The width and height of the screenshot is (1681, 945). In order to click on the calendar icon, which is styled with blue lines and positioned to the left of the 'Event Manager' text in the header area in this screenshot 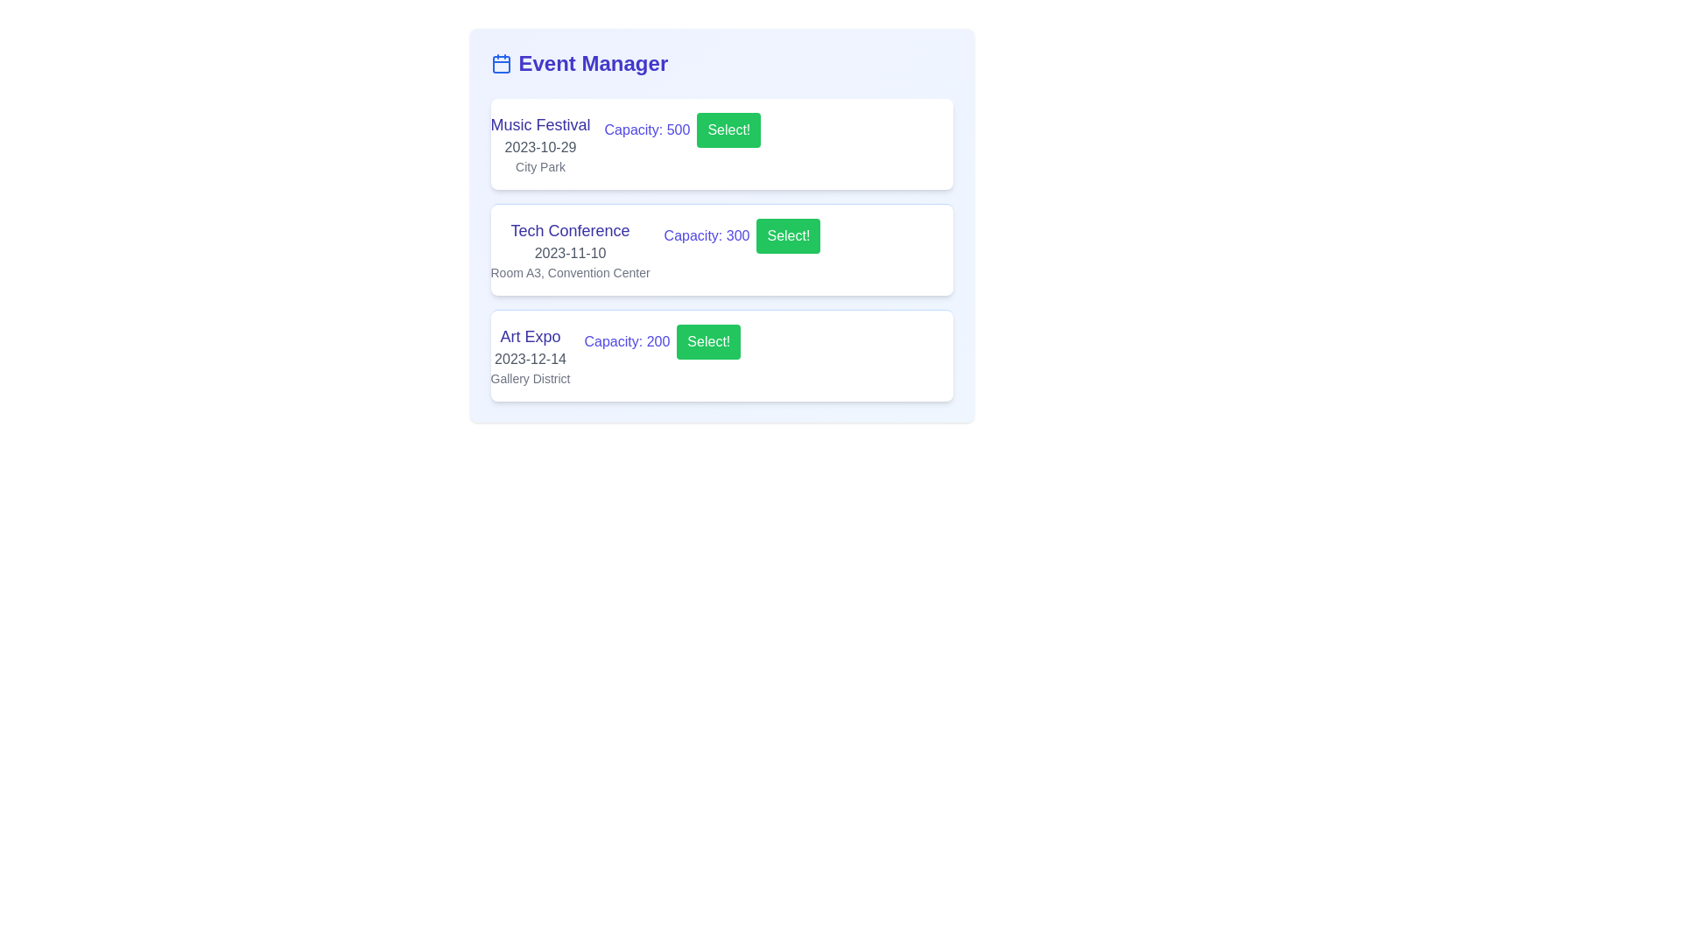, I will do `click(500, 63)`.